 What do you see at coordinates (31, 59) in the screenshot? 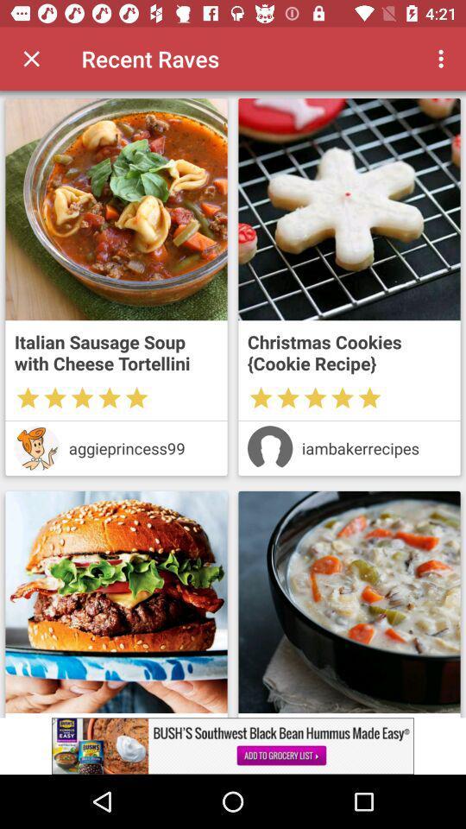
I see `close` at bounding box center [31, 59].